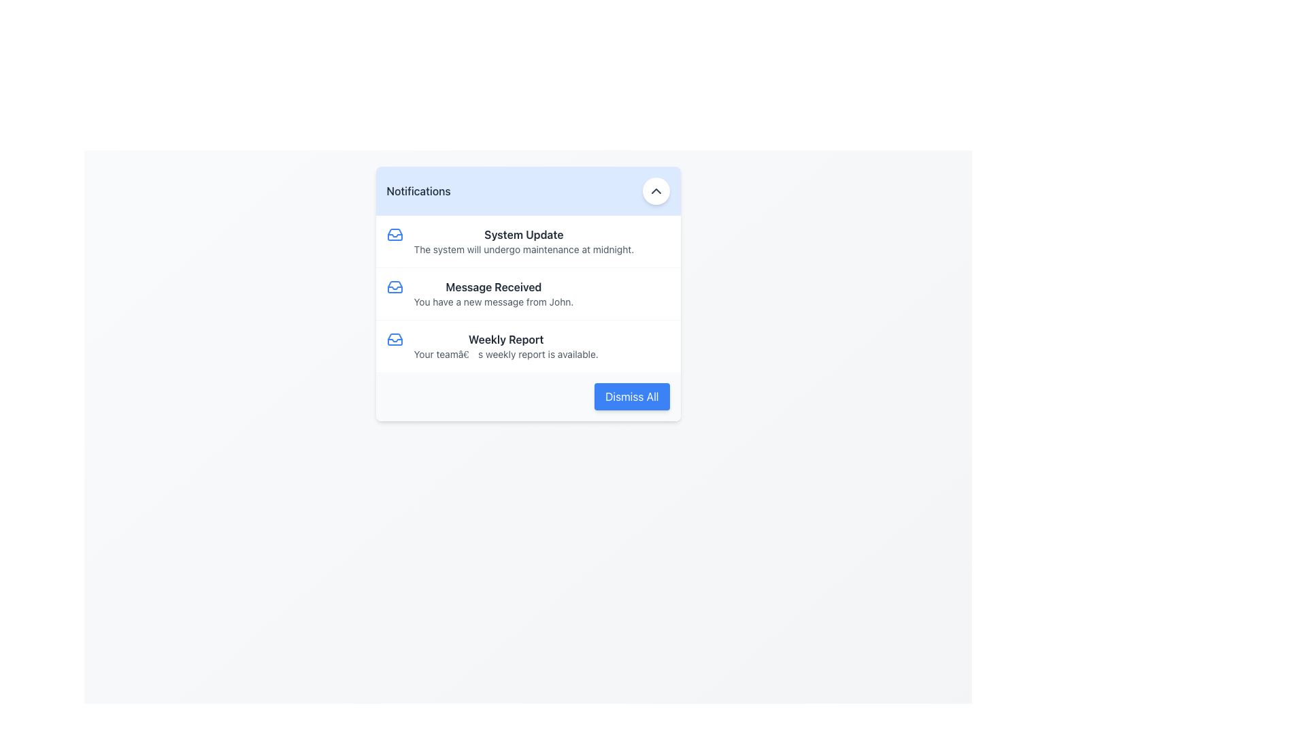 This screenshot has width=1306, height=735. Describe the element at coordinates (492, 301) in the screenshot. I see `text element displaying the message 'You have a new message from John.' which is styled in gray and positioned beneath the title in the 'Message Received' notification card` at that location.